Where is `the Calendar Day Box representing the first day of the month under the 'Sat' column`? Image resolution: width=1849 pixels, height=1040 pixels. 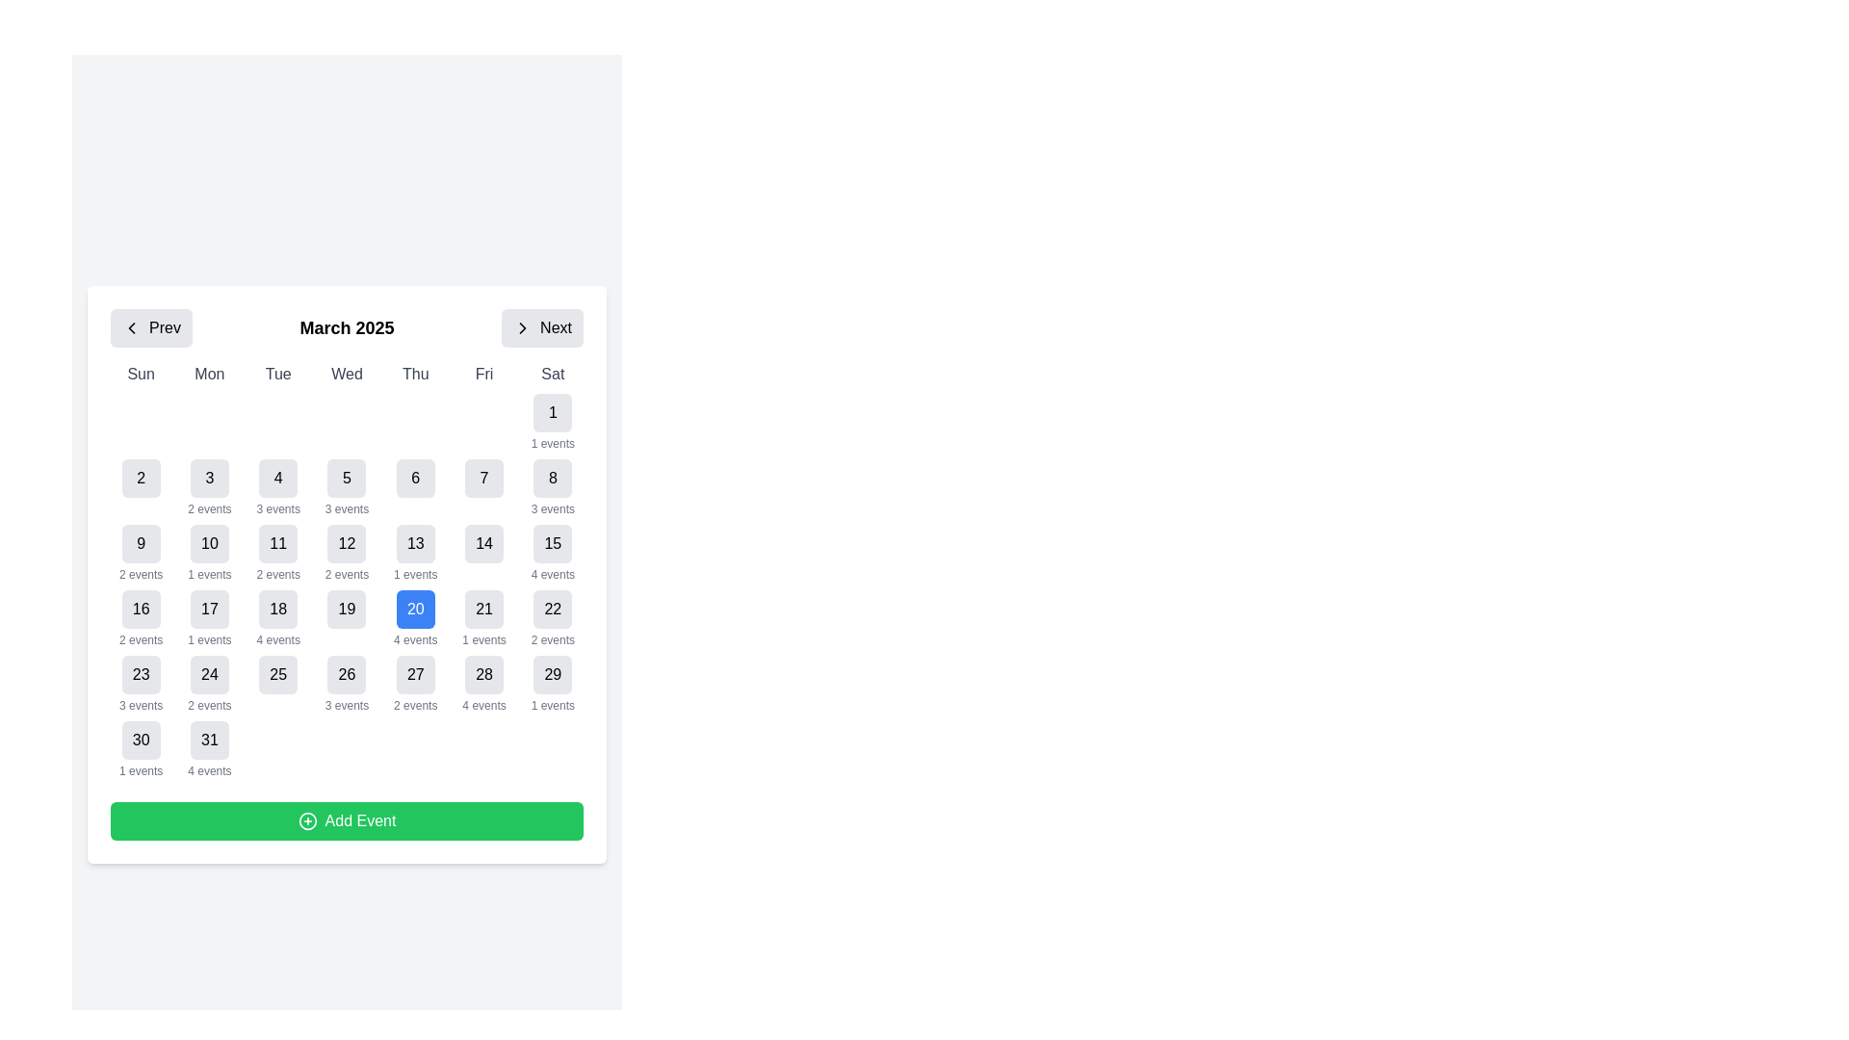
the Calendar Day Box representing the first day of the month under the 'Sat' column is located at coordinates (552, 422).